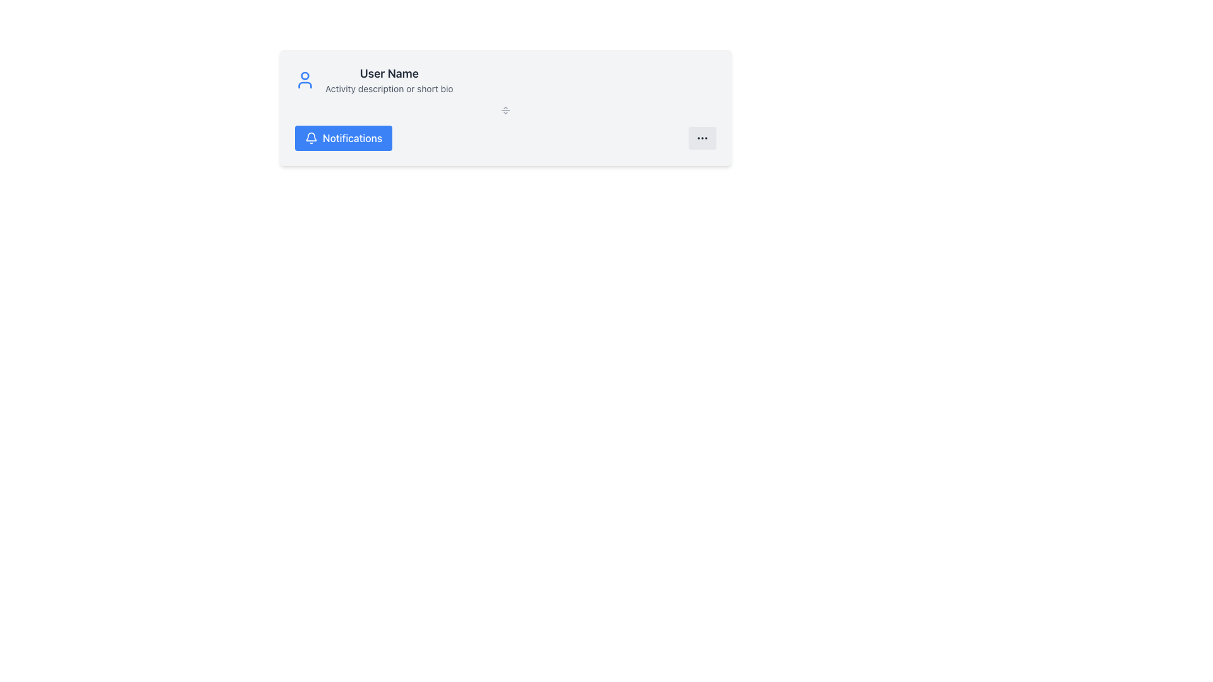  I want to click on the button with a light gray background and dark gray text featuring an icon of three vertical dots, so click(702, 138).